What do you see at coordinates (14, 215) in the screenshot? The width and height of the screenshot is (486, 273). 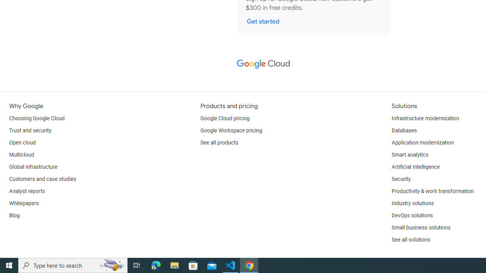 I see `'Blog'` at bounding box center [14, 215].